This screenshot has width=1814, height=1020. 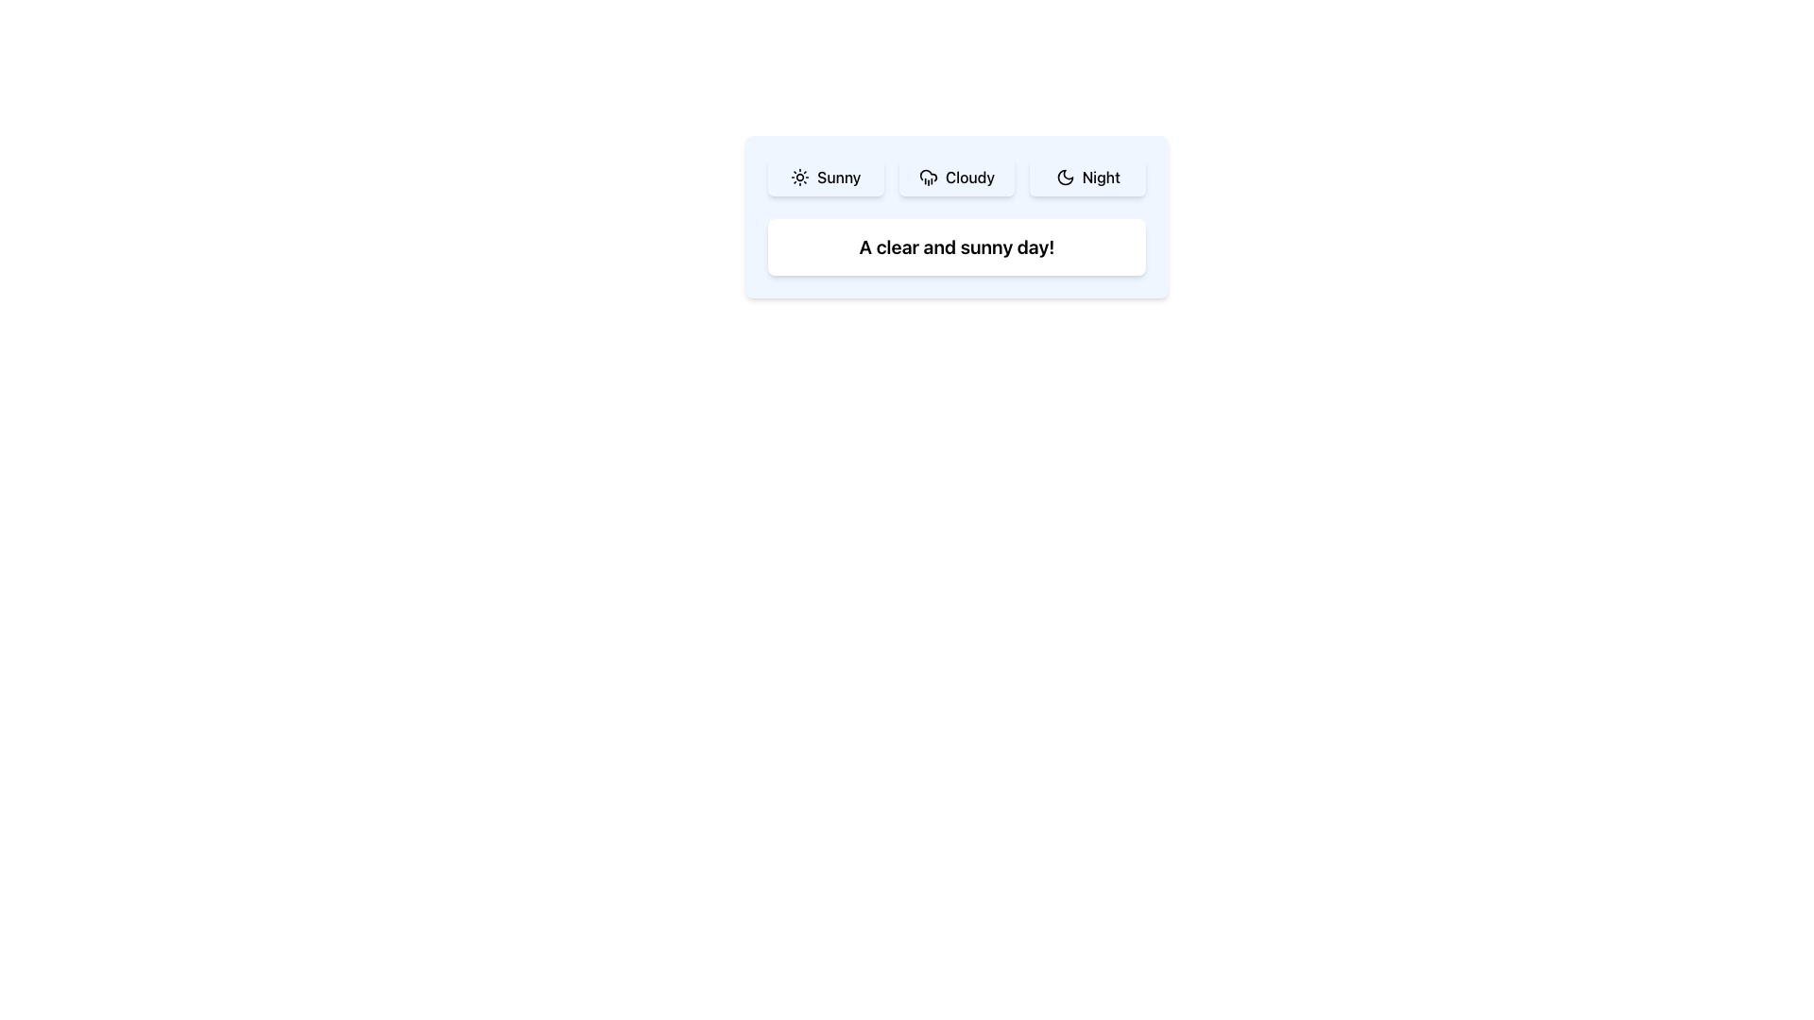 I want to click on the 'Cloudy' icon which resembles a cloud with rain, located in the middle of the three options labeled 'Sunny', 'Cloudy', and 'Night', so click(x=928, y=178).